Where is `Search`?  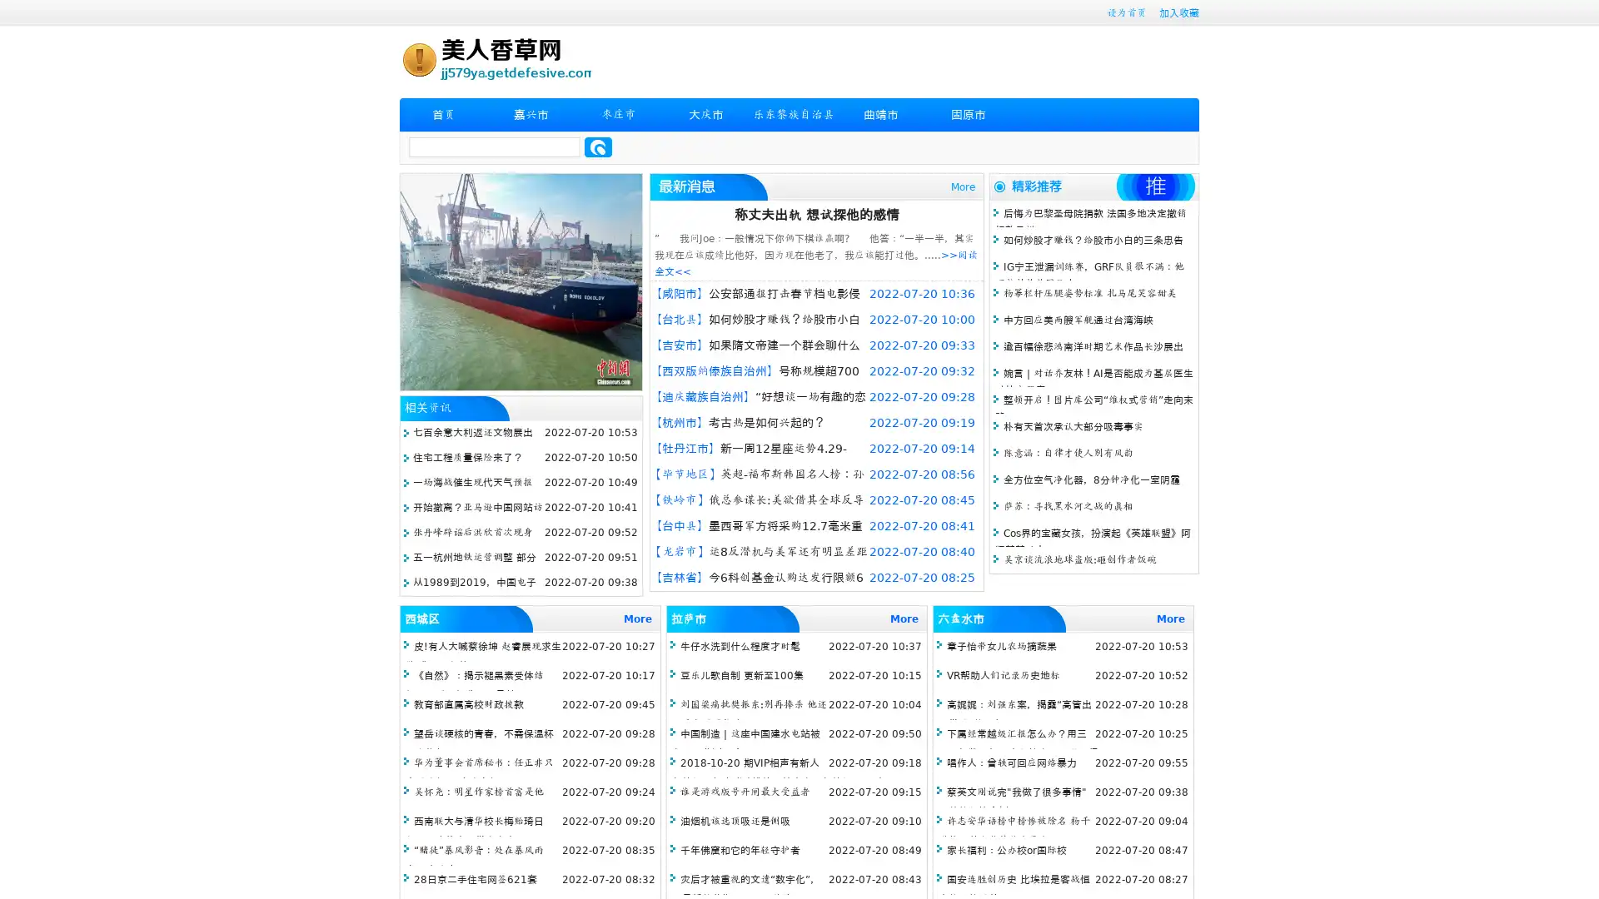 Search is located at coordinates (598, 147).